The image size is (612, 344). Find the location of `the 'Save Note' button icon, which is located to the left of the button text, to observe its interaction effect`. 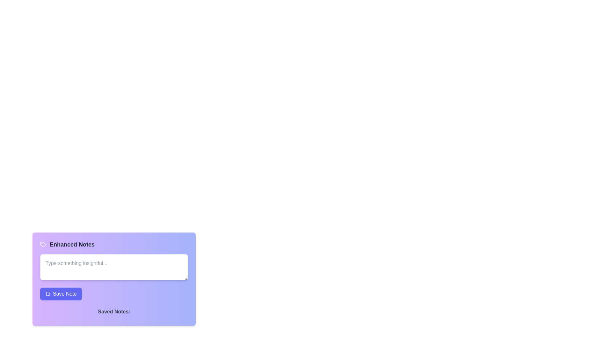

the 'Save Note' button icon, which is located to the left of the button text, to observe its interaction effect is located at coordinates (47, 294).